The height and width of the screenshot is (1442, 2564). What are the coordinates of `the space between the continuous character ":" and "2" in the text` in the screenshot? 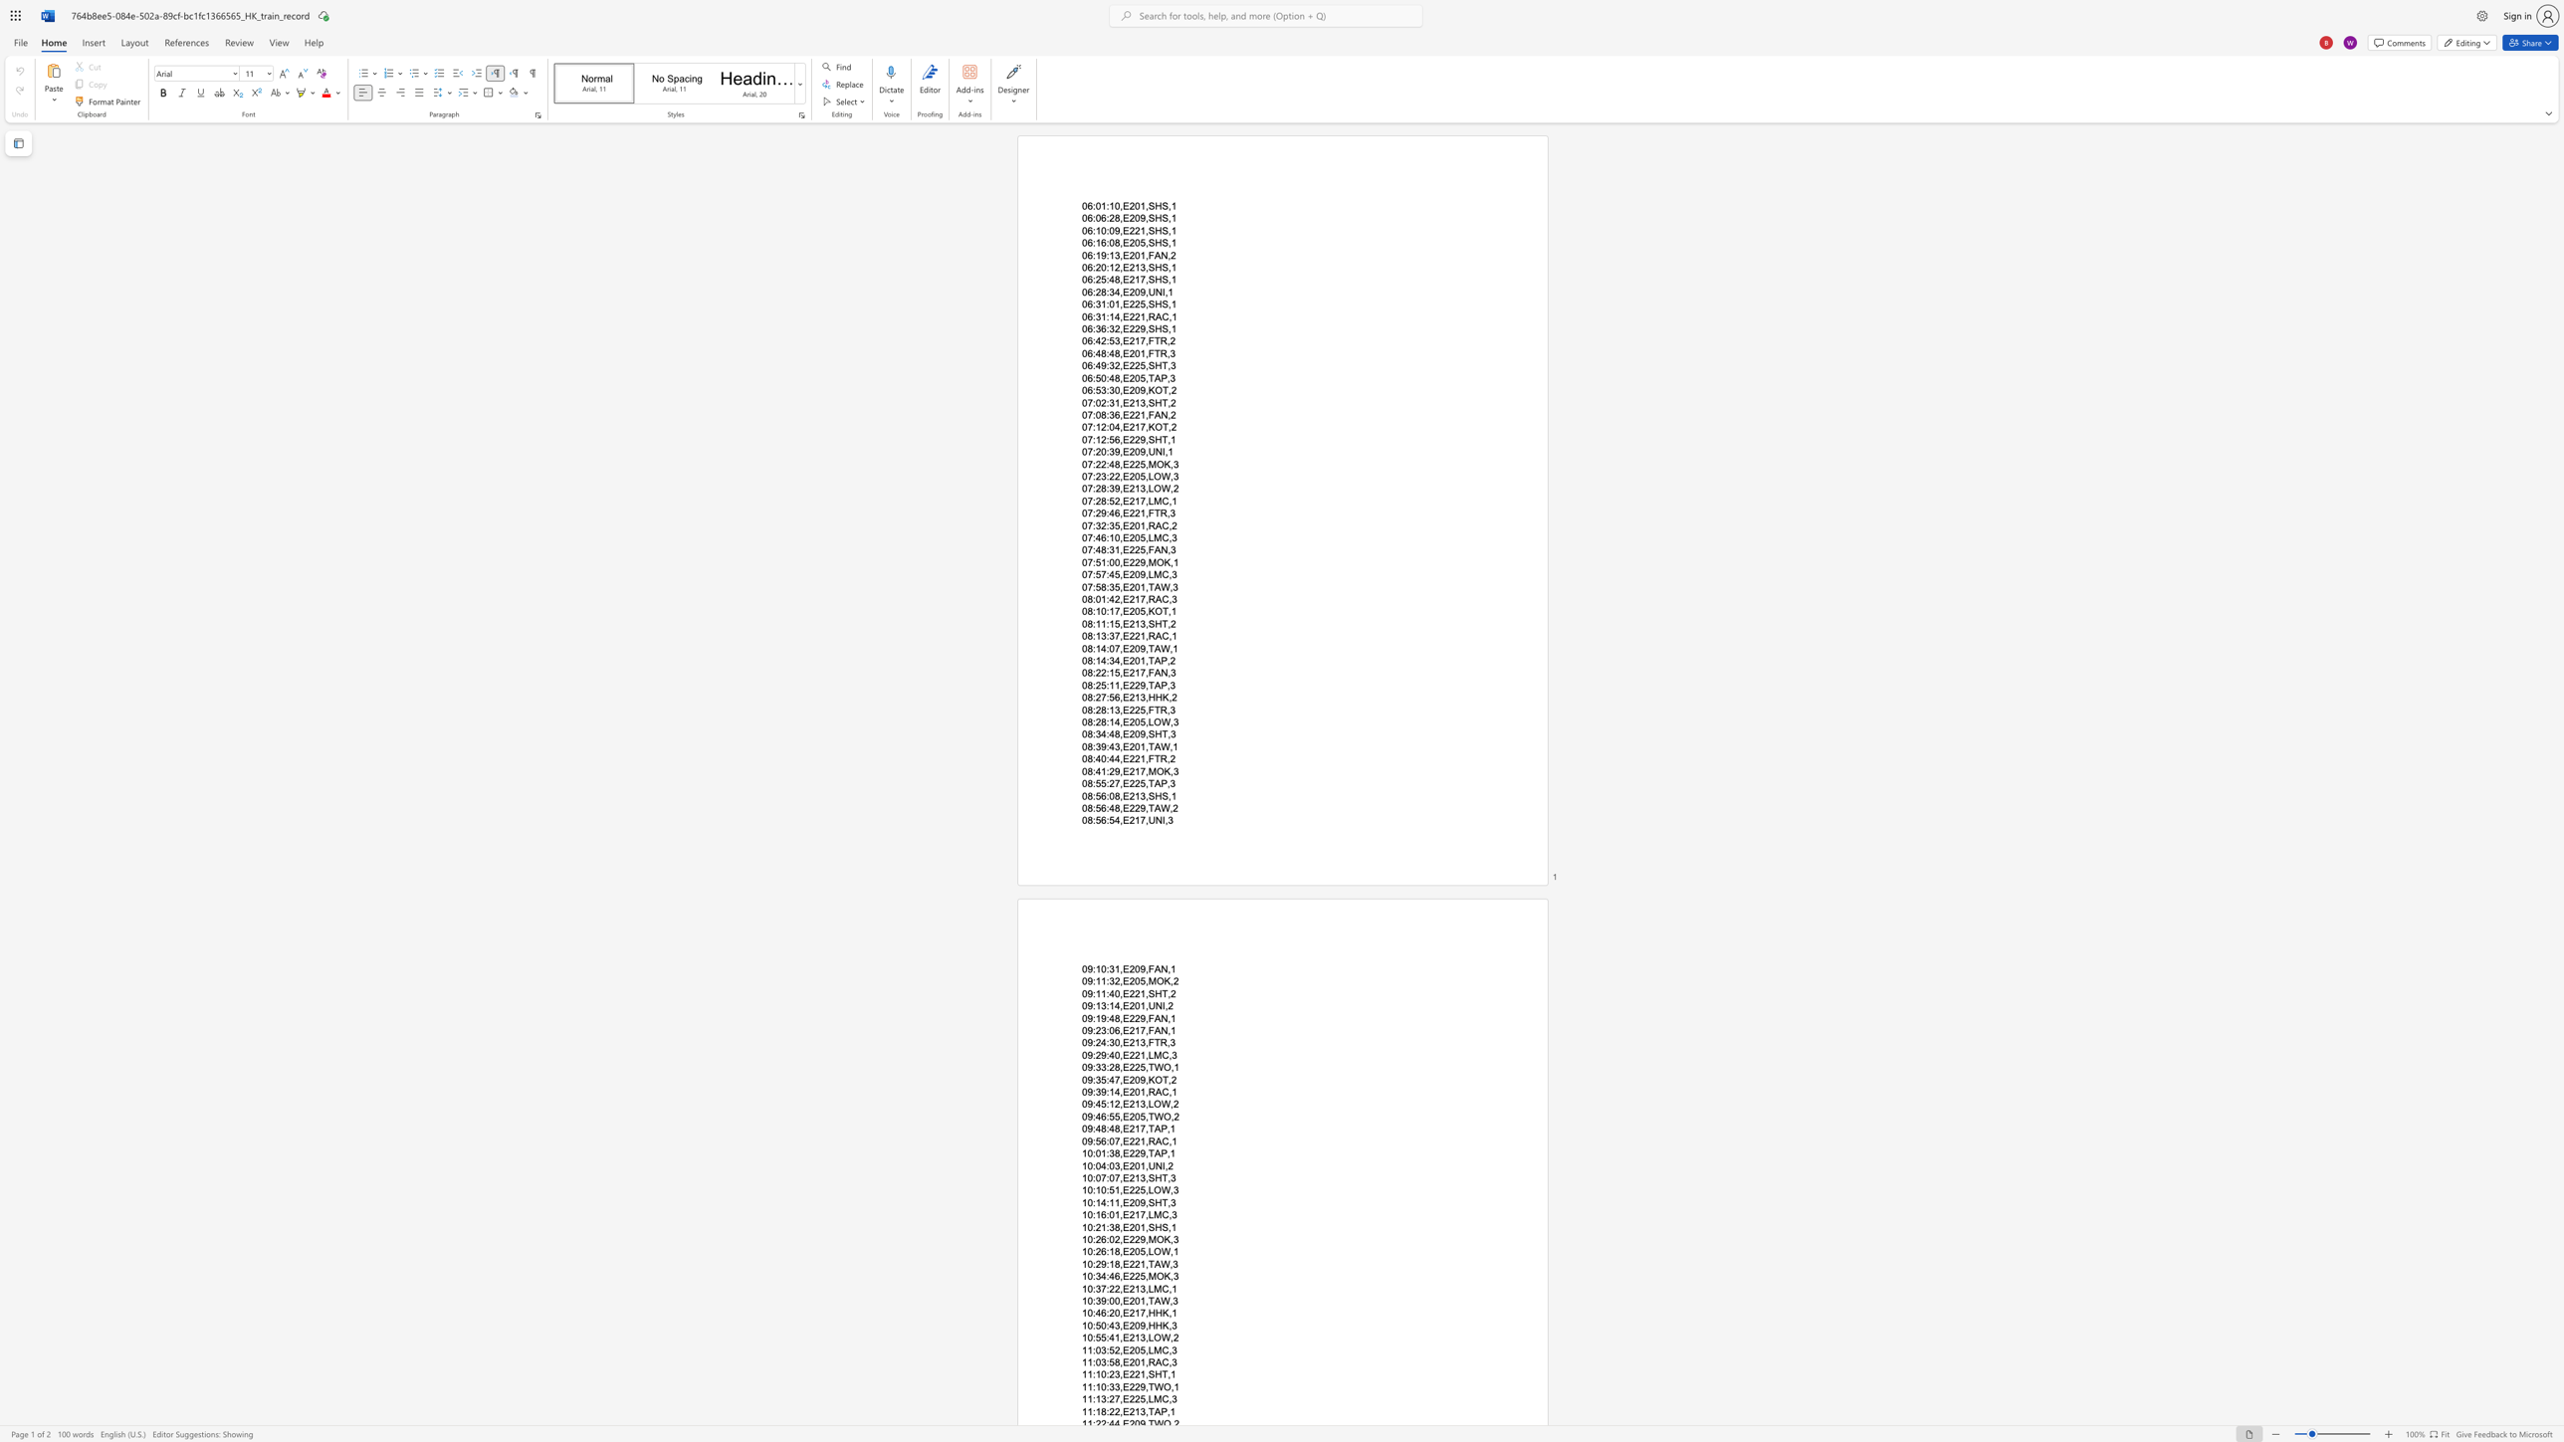 It's located at (1110, 769).